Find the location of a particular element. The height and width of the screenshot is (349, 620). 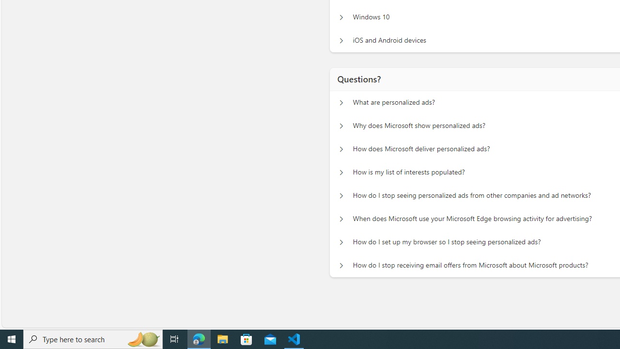

'Questions? How does Microsoft deliver personalized ads?' is located at coordinates (340, 149).